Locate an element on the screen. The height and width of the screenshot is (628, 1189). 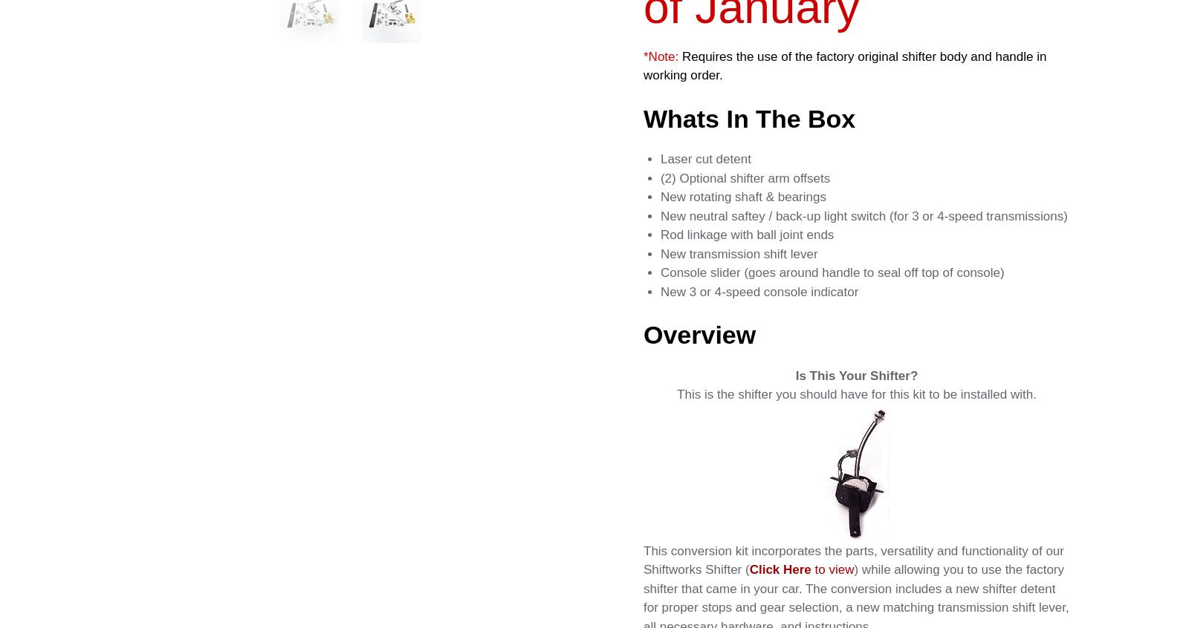
'Laser cut detent' is located at coordinates (659, 159).